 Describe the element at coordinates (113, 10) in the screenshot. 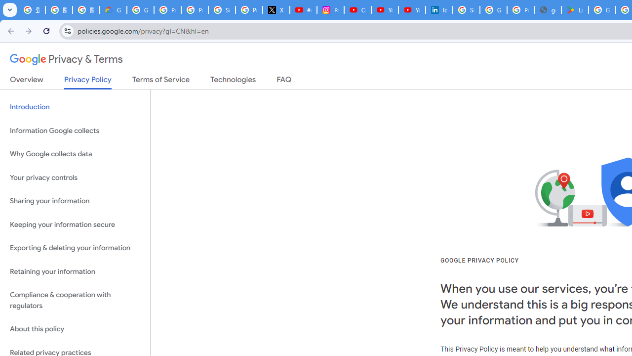

I see `'Google Cloud Privacy Notice'` at that location.